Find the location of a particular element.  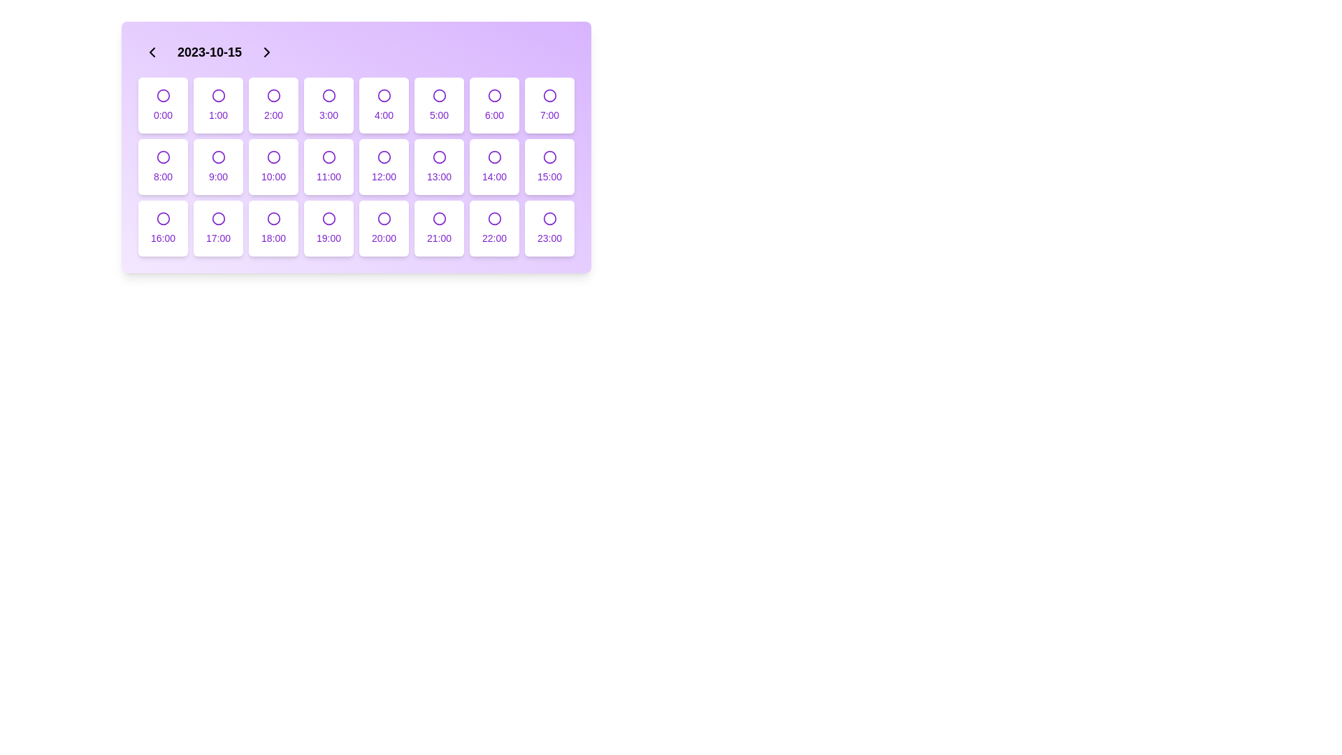

the SVG Circle representing the time slot for '11:00' in the scheduling interface is located at coordinates (328, 157).